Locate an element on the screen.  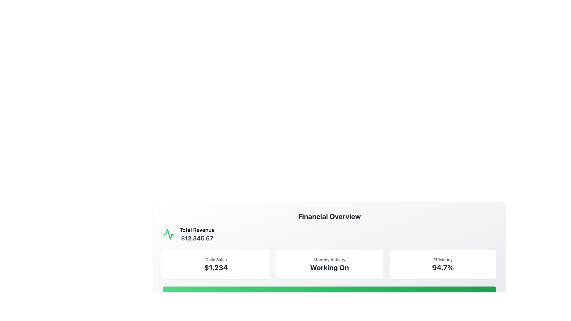
text displaying the amount '$12,345.67' which is prominently styled in bold dark gray, located directly below the label 'Total Revenue' in the financial summary section is located at coordinates (197, 238).